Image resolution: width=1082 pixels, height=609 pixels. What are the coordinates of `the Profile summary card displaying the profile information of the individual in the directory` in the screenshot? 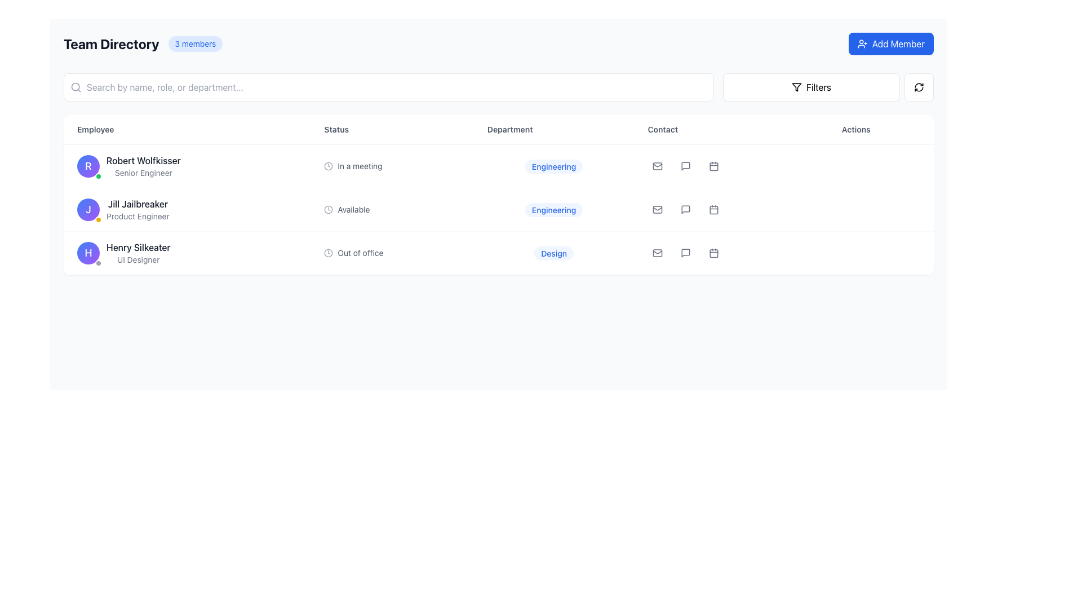 It's located at (187, 252).